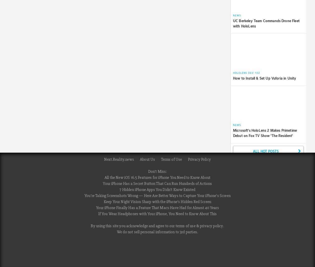  What do you see at coordinates (223, 226) in the screenshot?
I see `'.'` at bounding box center [223, 226].